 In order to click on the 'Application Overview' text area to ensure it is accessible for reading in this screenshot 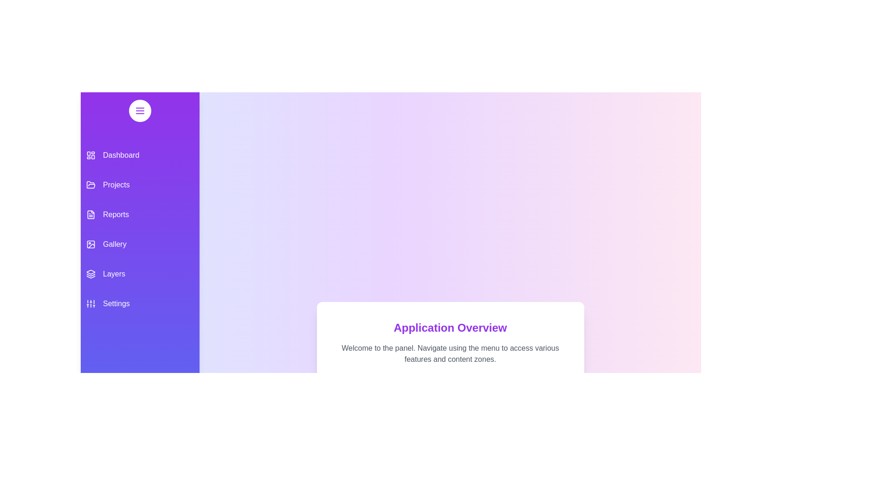, I will do `click(450, 343)`.